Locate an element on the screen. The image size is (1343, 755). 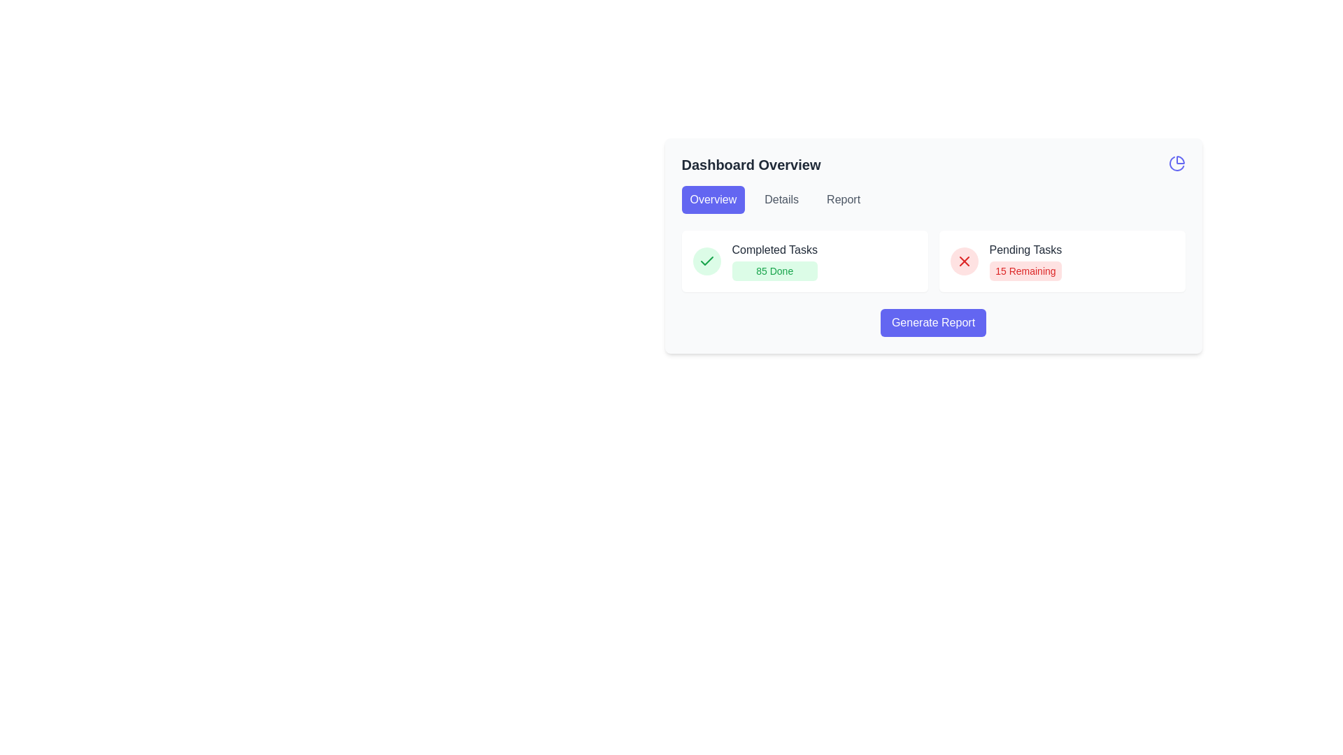
the first button on the left that navigates to the 'Overview' section of the interface is located at coordinates (713, 199).